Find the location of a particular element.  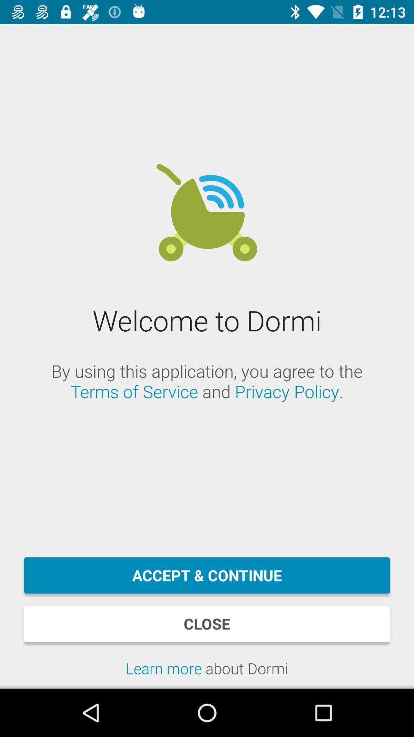

the close is located at coordinates (207, 624).